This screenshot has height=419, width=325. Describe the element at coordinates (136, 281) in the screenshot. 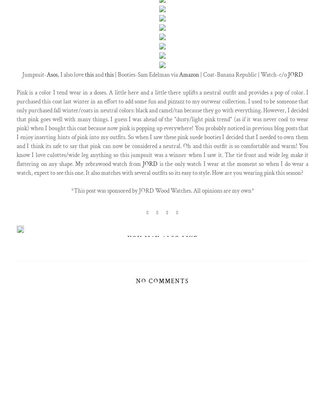

I see `'No comments'` at that location.